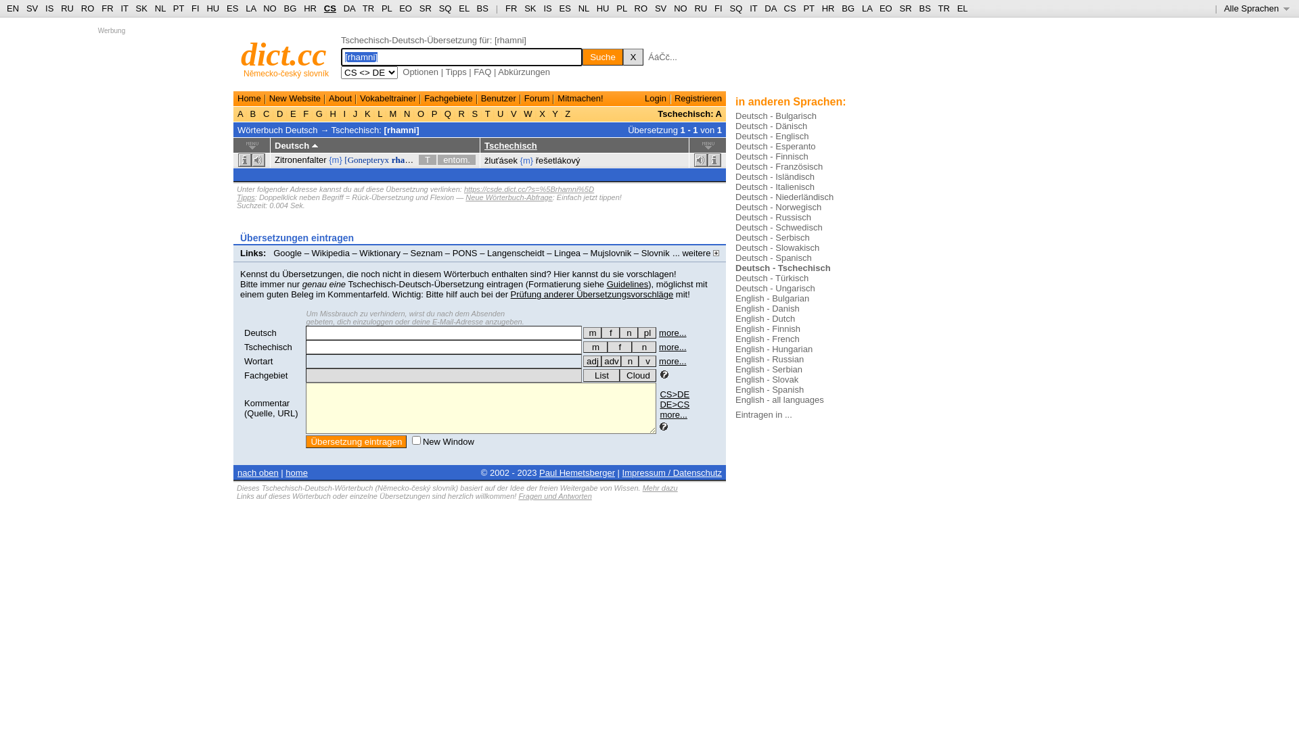 The image size is (1299, 730). I want to click on 'TR', so click(942, 8).